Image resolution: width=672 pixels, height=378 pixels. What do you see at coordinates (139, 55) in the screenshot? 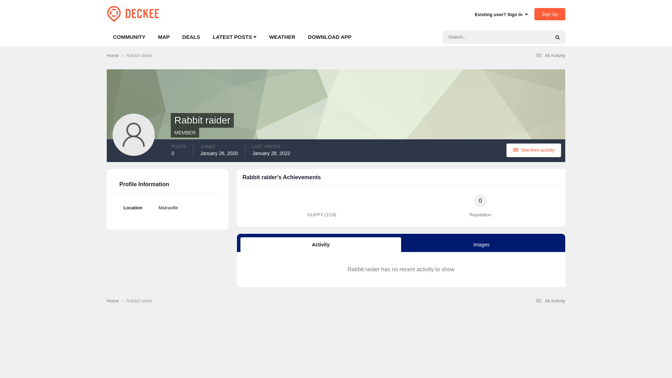
I see `'Rabbit raider'` at bounding box center [139, 55].